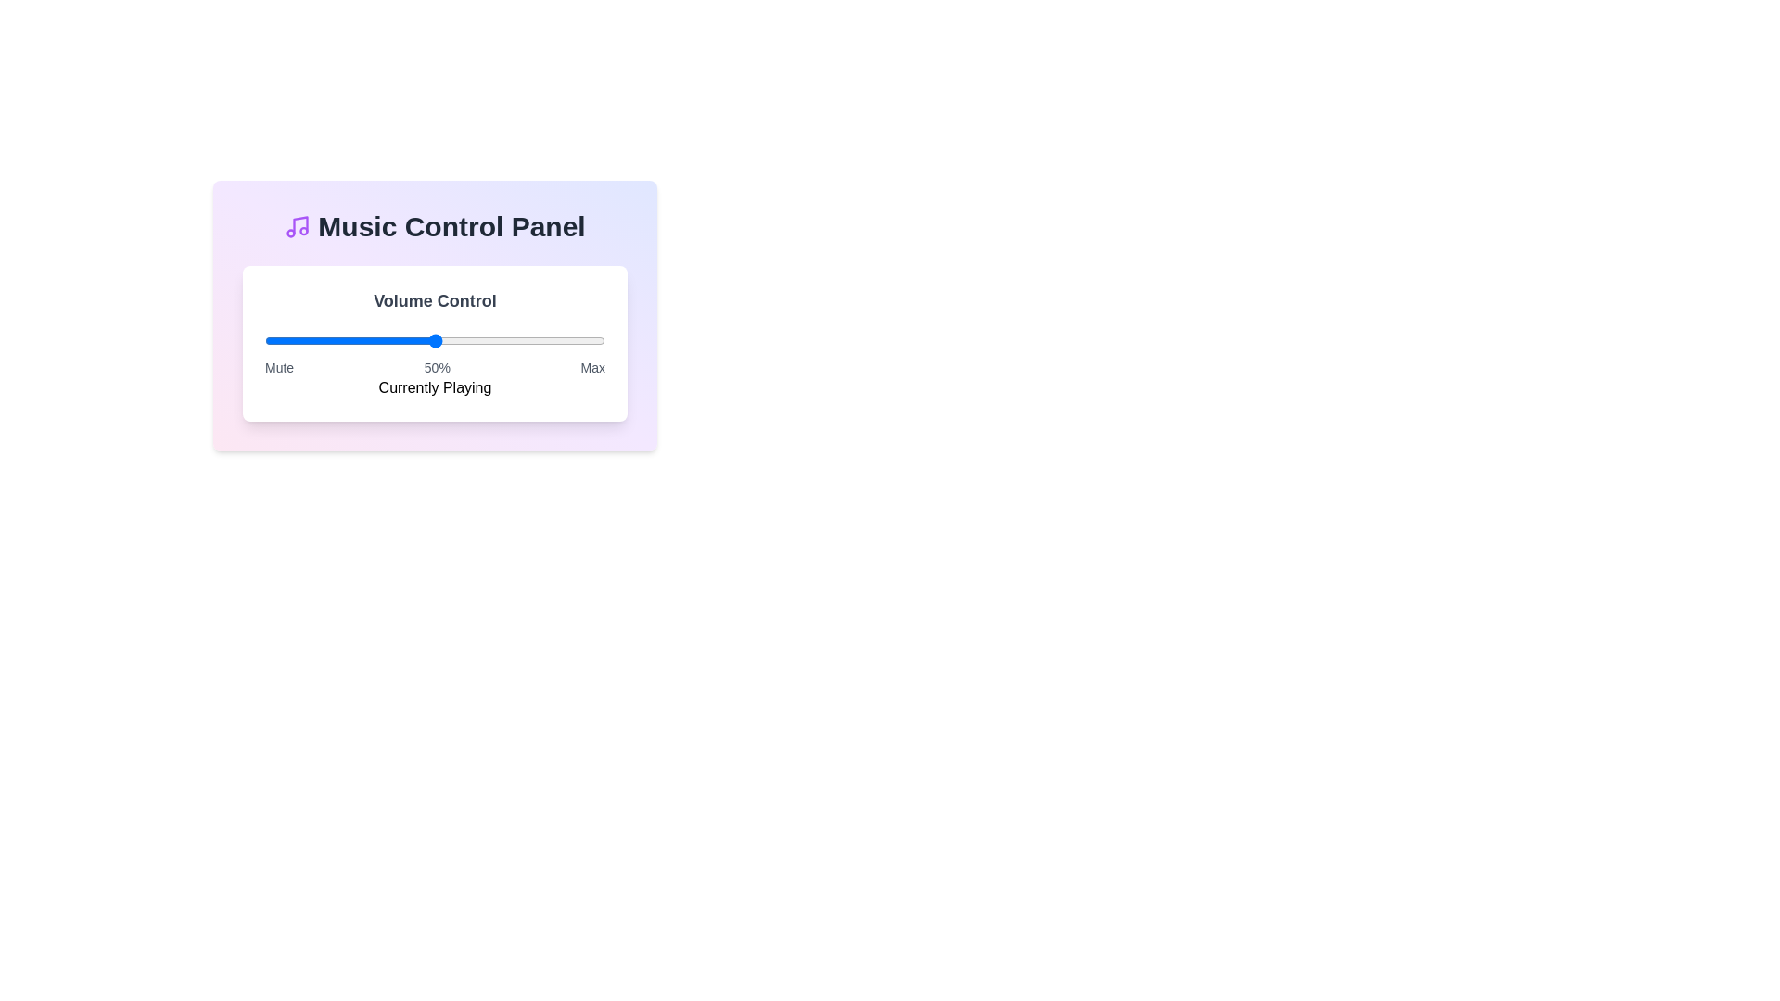 The height and width of the screenshot is (1001, 1780). I want to click on the 'Volume Control' text to highlight it for further interaction, so click(434, 299).